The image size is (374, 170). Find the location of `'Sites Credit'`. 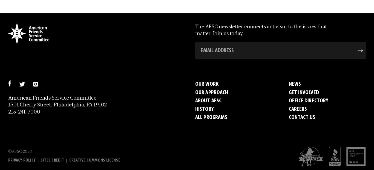

'Sites Credit' is located at coordinates (52, 160).